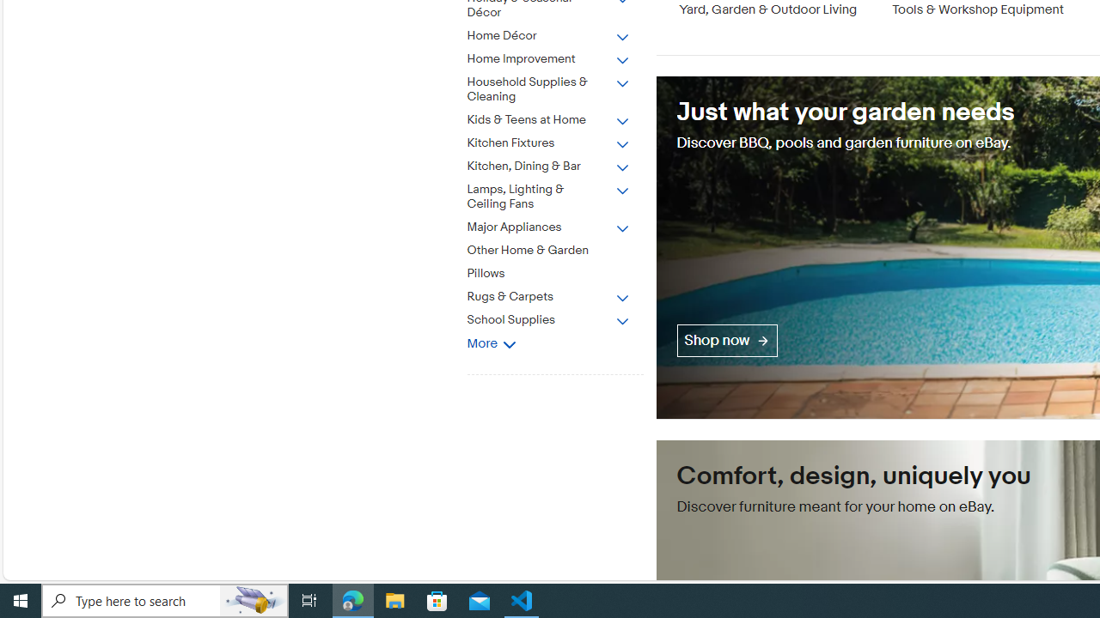 The height and width of the screenshot is (618, 1100). I want to click on 'Kitchen, Dining & Bar', so click(561, 163).